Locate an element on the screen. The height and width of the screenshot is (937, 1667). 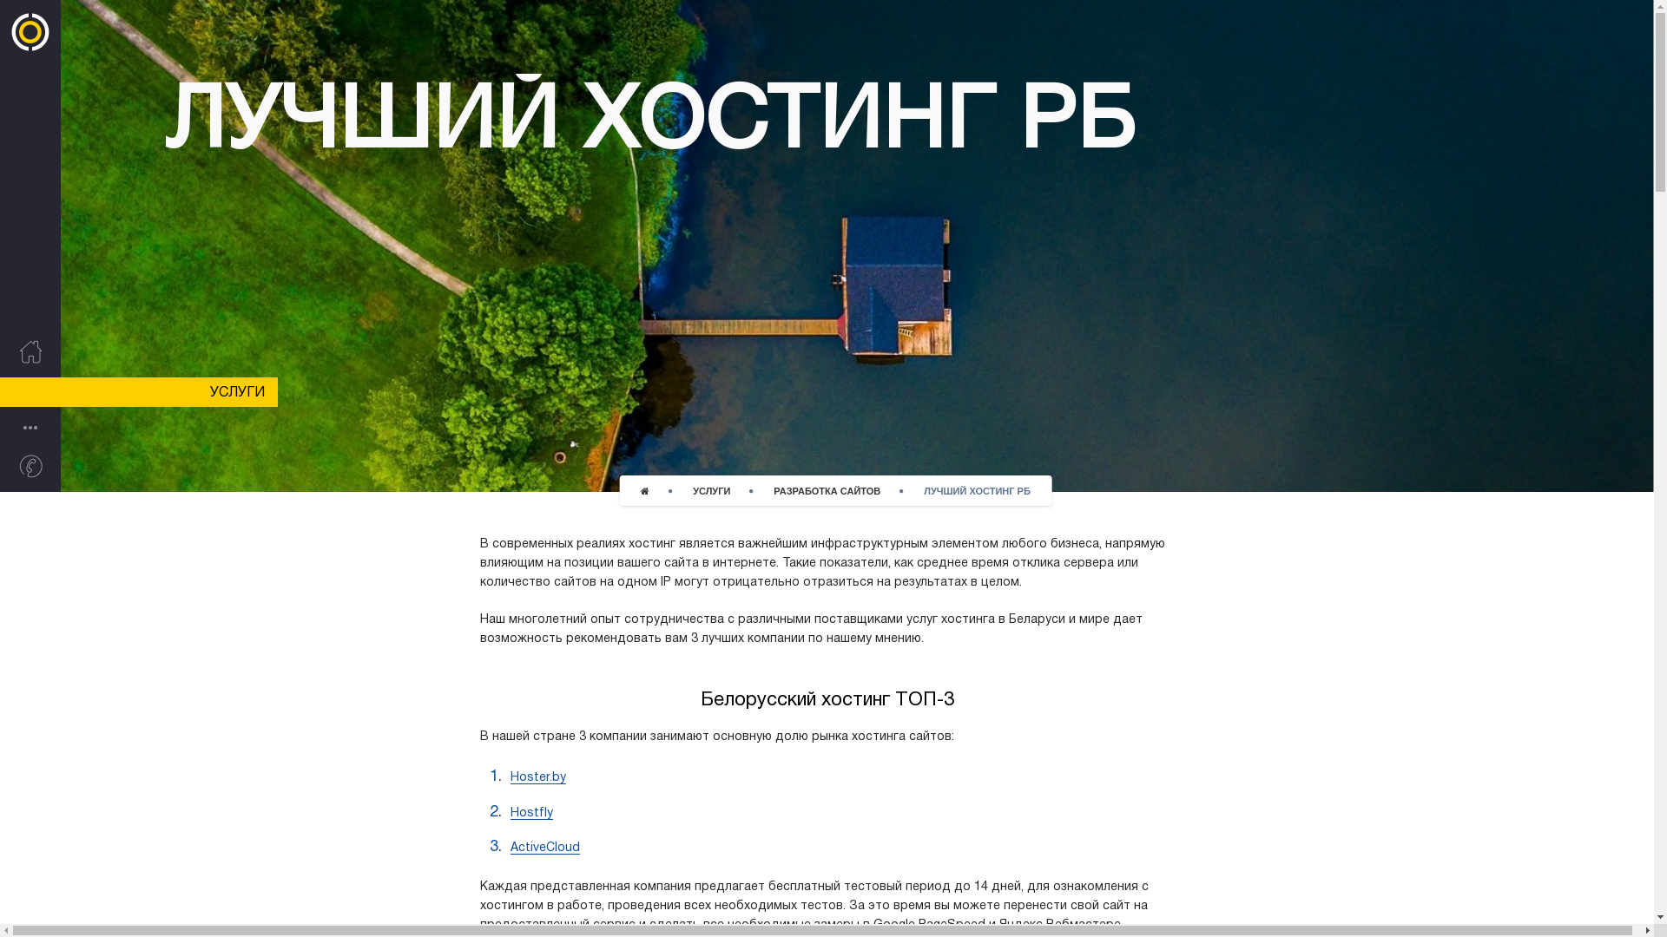
'Hostfly' is located at coordinates (530, 813).